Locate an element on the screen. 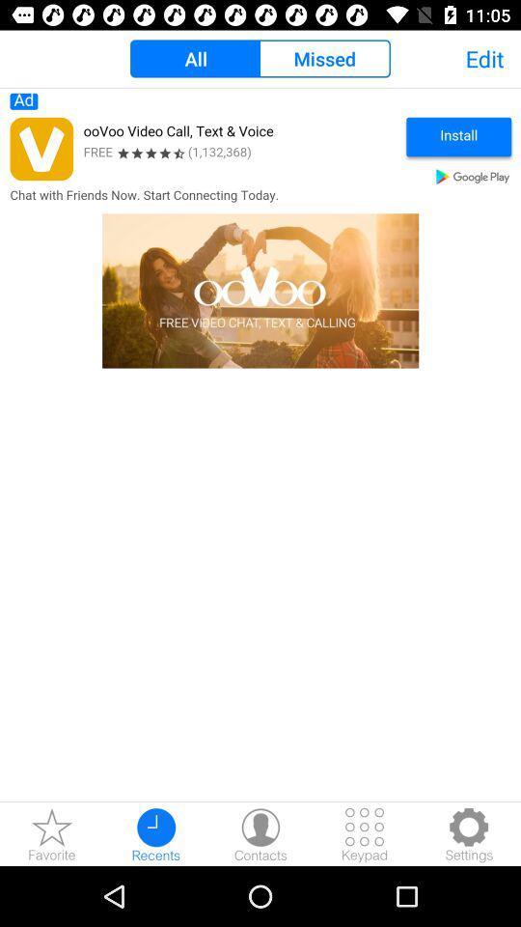  keypad open is located at coordinates (365, 833).